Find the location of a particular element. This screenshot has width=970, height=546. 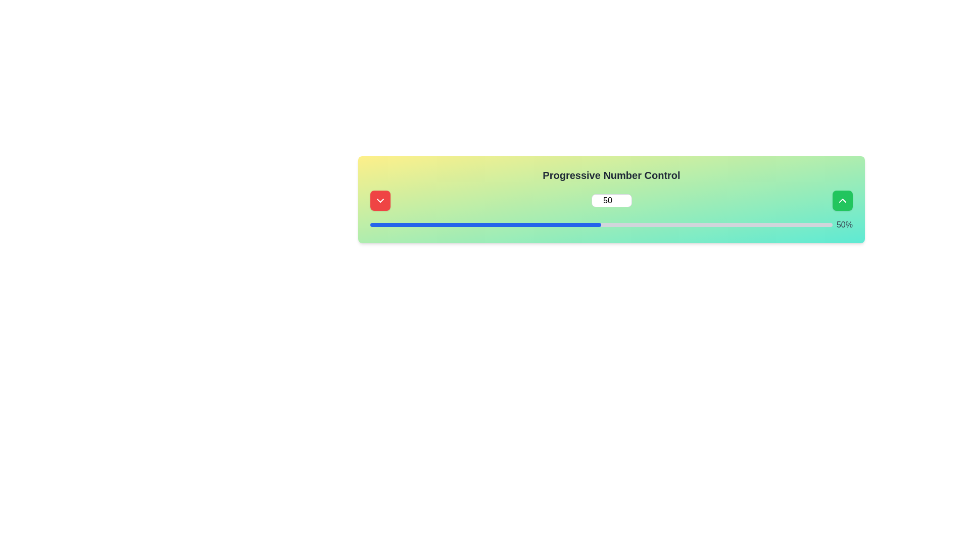

the slider is located at coordinates (495, 224).